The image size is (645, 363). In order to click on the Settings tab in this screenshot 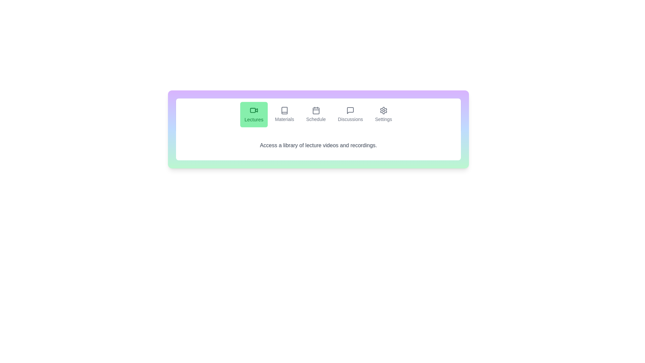, I will do `click(383, 114)`.